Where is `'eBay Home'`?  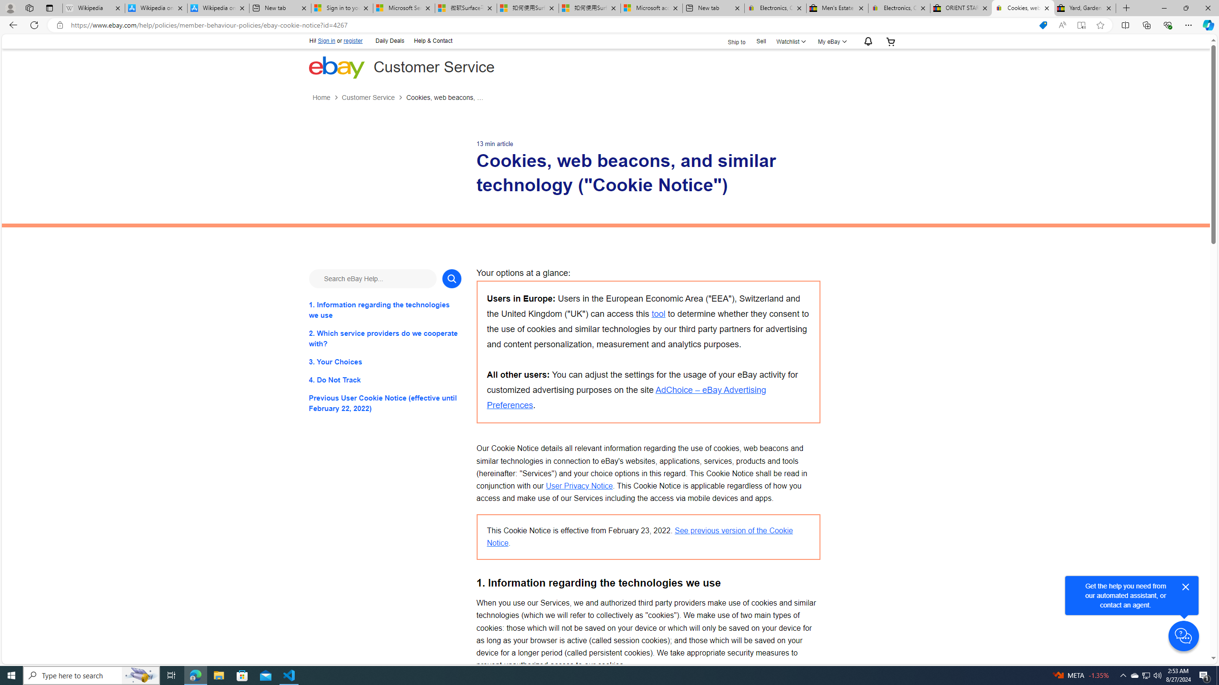
'eBay Home' is located at coordinates (336, 67).